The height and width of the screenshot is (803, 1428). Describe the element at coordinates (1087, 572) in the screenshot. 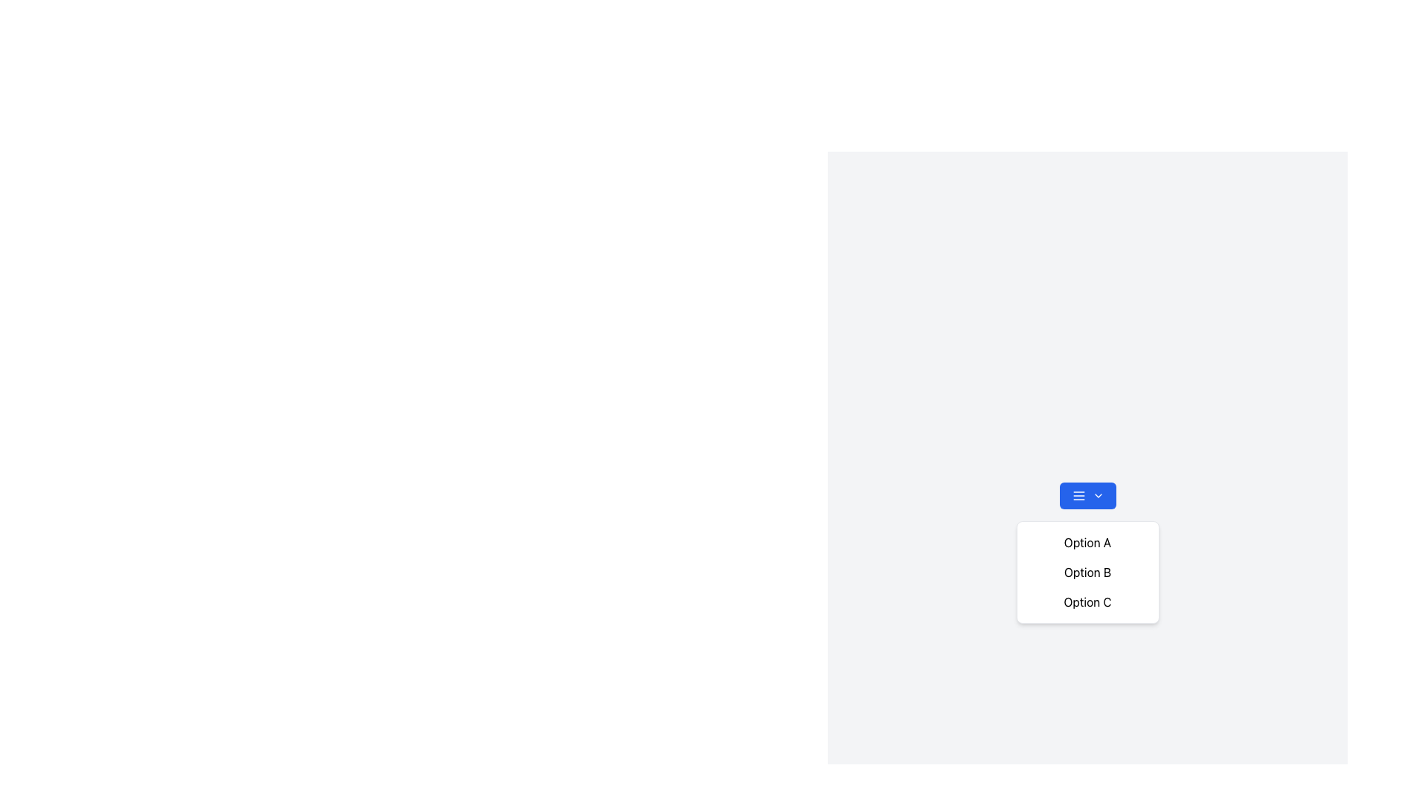

I see `to select the second option in the dropdown menu, which is located below 'Option A' and above 'Option C'` at that location.